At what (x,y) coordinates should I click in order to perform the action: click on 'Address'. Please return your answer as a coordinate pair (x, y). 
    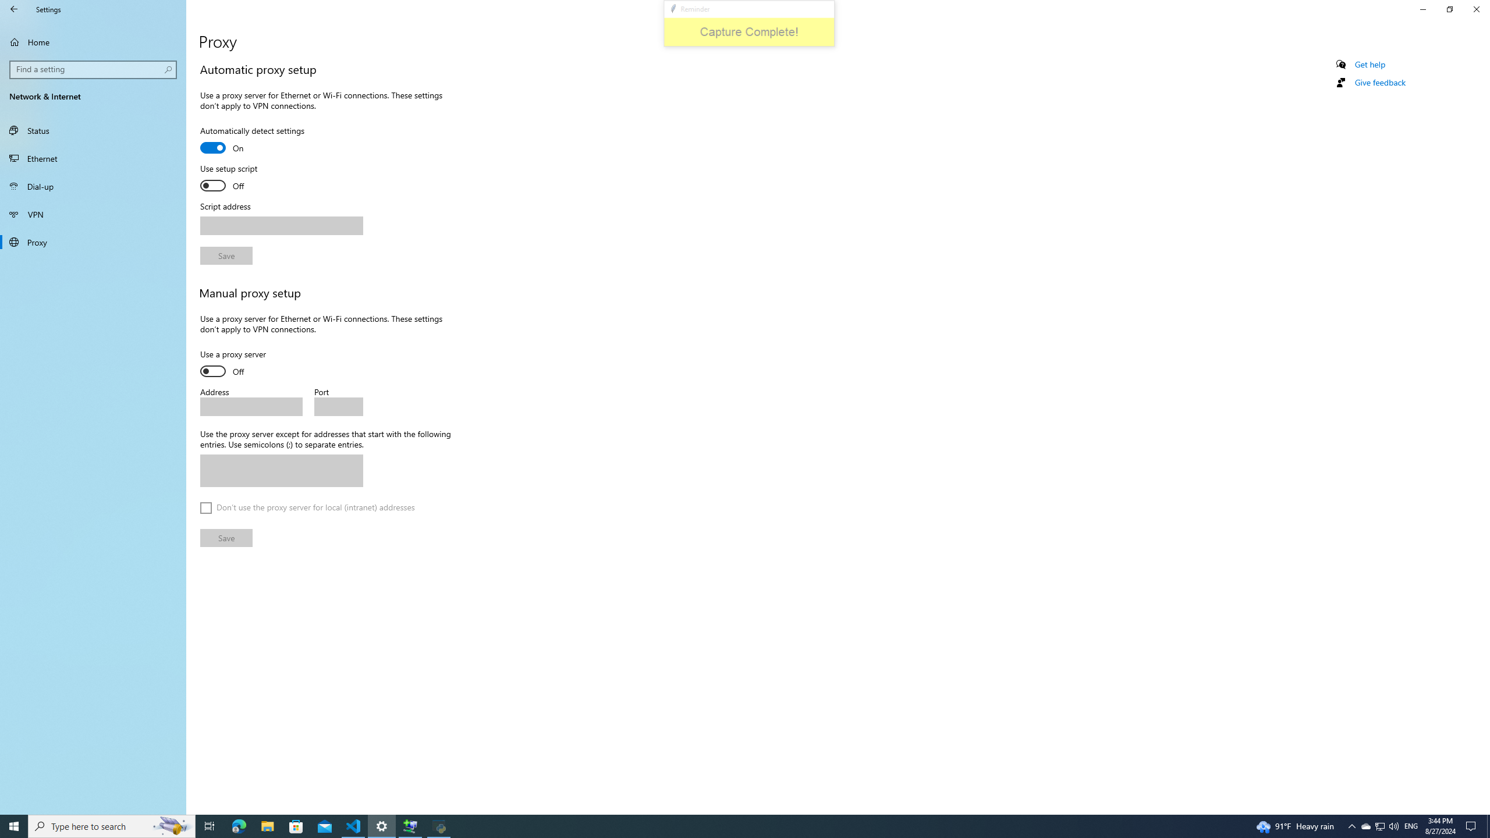
    Looking at the image, I should click on (251, 406).